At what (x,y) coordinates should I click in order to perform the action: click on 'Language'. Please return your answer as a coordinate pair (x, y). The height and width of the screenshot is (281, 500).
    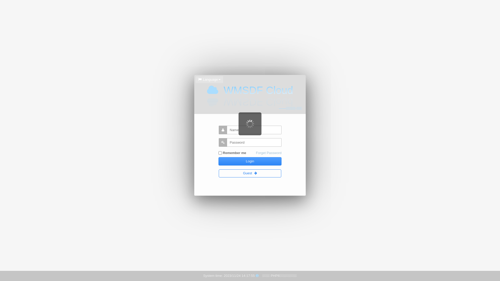
    Looking at the image, I should click on (209, 79).